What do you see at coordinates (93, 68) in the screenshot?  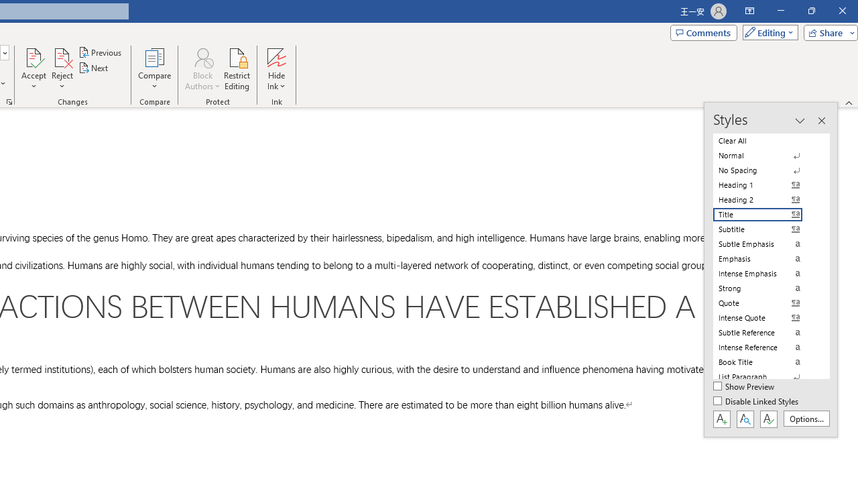 I see `'Next'` at bounding box center [93, 68].